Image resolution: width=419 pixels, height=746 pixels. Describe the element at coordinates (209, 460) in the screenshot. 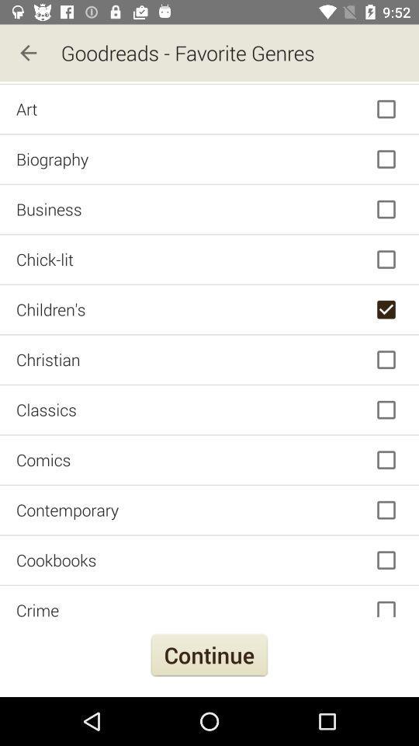

I see `the comics` at that location.